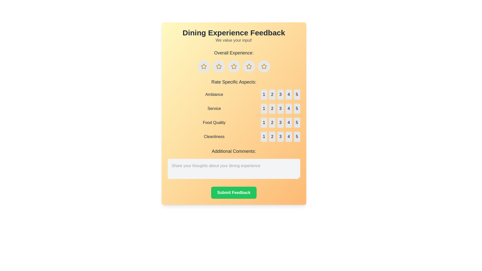 This screenshot has height=271, width=482. Describe the element at coordinates (289, 95) in the screenshot. I see `the rectangular button displaying the number '4' with a light gray background` at that location.